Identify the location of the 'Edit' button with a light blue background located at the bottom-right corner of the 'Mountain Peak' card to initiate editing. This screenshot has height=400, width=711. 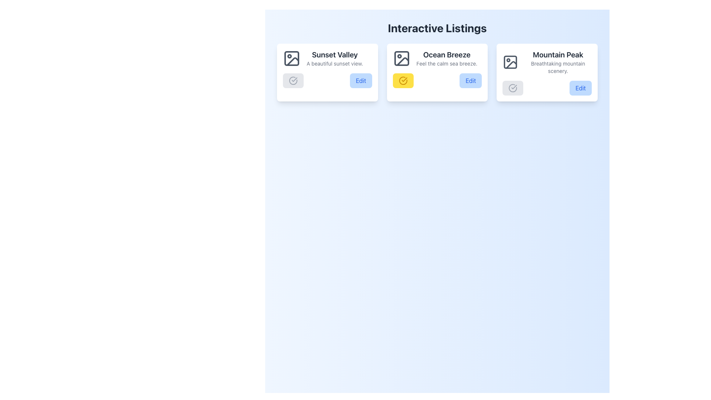
(580, 88).